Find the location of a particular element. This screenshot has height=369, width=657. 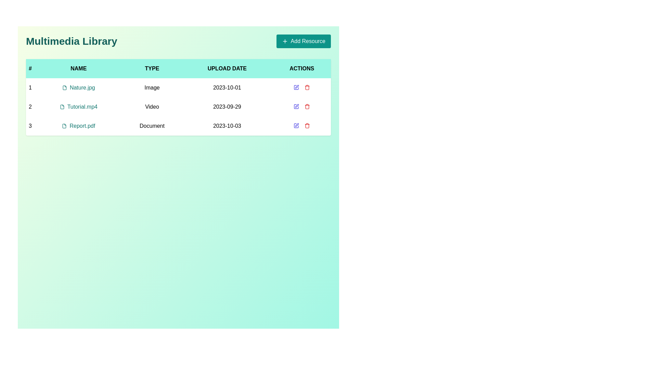

the second row of the multimedia table that contains details for a multimedia entry, positioned between 'Nature.jpg' and 'Report.pdf' is located at coordinates (178, 107).